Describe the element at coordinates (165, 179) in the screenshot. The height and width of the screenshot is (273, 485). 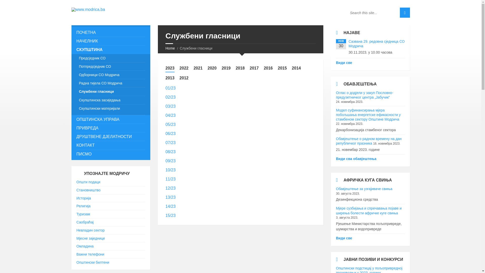
I see `'11/23'` at that location.